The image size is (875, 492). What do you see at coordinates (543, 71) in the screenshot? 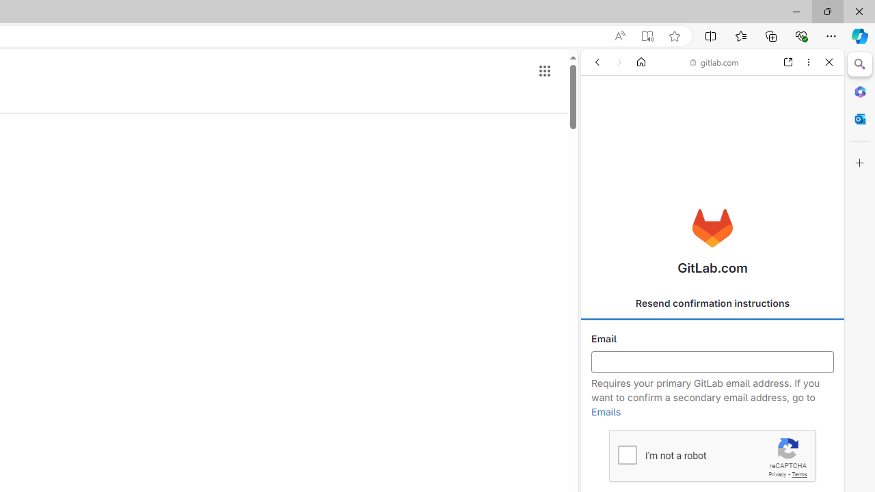
I see `'Google apps'` at bounding box center [543, 71].